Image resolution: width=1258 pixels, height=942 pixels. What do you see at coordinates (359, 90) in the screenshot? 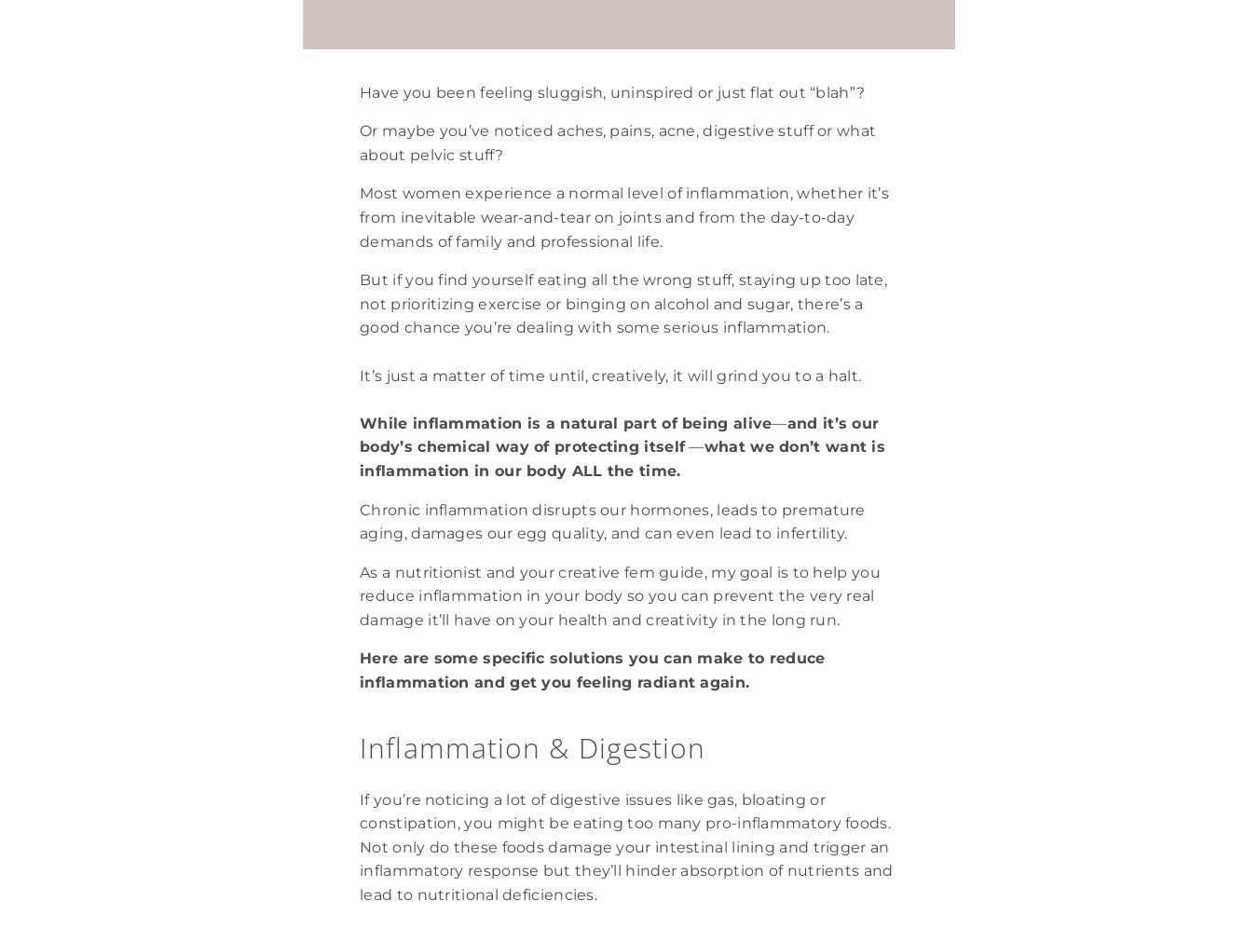
I see `'Have you been feeling sluggish, uninspired or just flat out “blah”?'` at bounding box center [359, 90].